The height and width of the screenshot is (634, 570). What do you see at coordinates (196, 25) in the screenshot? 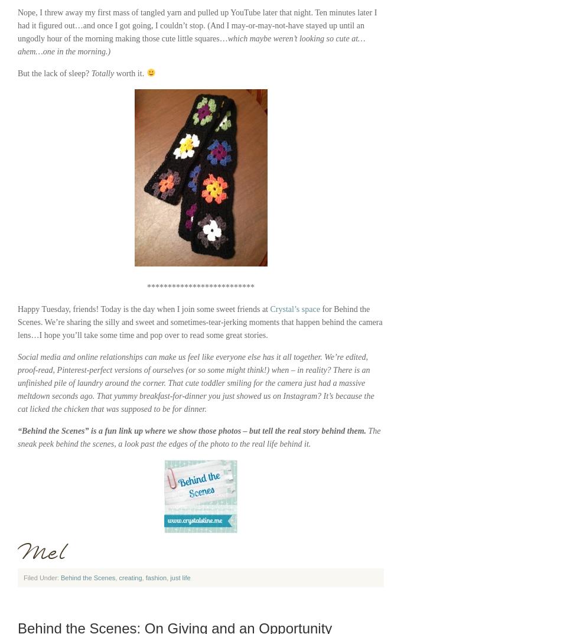
I see `'Nope, I threw away my first mass of tangled yarn and pulled up YouTube later that night. Ten minutes later I had it figured out…and once I got going, I couldn’t stop. (And I may-or-may-not-have stayed up until an ungodly hour of the morning making those cute little squares…'` at bounding box center [196, 25].